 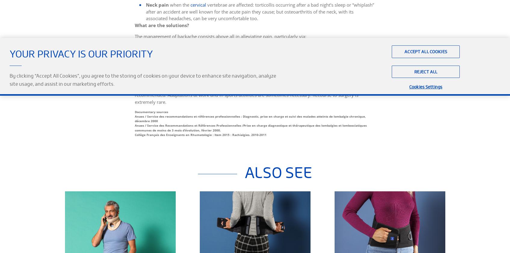 What do you see at coordinates (145, 4) in the screenshot?
I see `'Neck pain'` at bounding box center [145, 4].